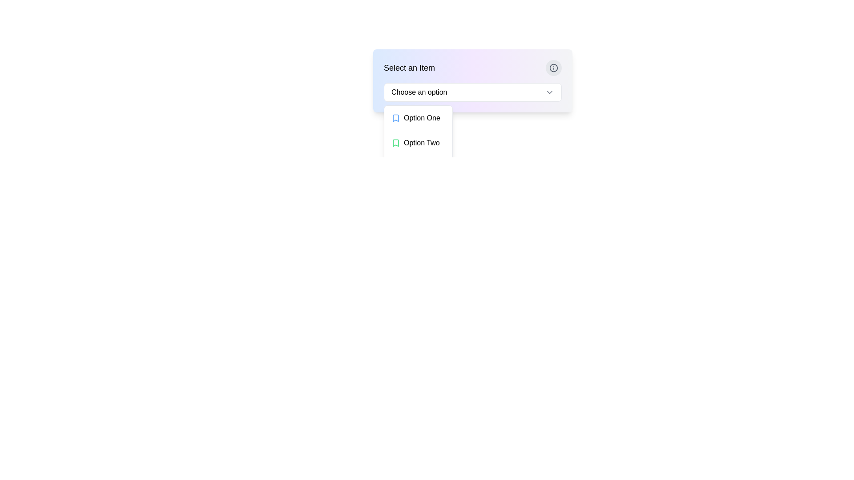 This screenshot has height=480, width=854. Describe the element at coordinates (549, 92) in the screenshot. I see `the Chevron-Down icon located at the far-right end of the 'Choose an option' button` at that location.